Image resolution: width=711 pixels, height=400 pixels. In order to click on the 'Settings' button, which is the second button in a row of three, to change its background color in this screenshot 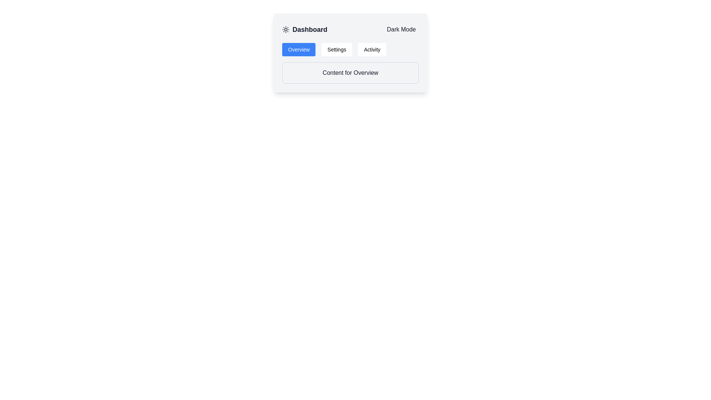, I will do `click(336, 50)`.